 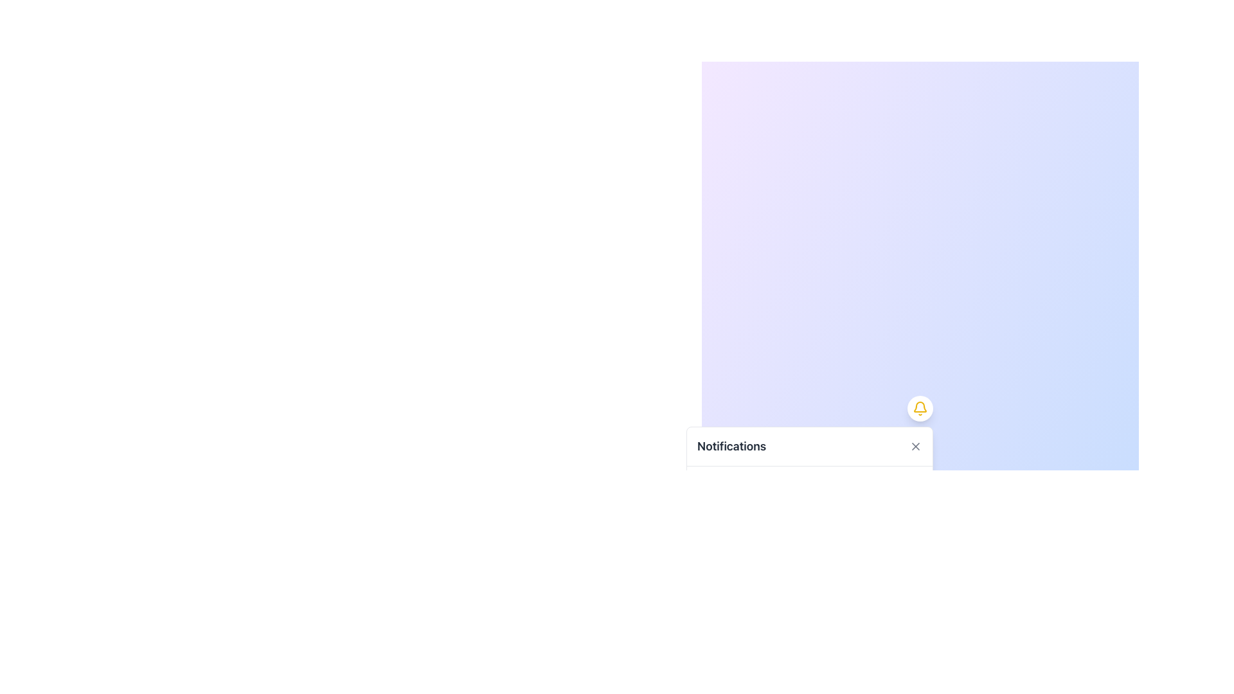 I want to click on the close icon located at the far right of the notification panel, so click(x=915, y=445).